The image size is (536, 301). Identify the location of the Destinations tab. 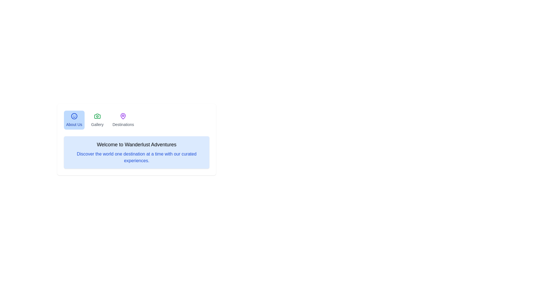
(123, 120).